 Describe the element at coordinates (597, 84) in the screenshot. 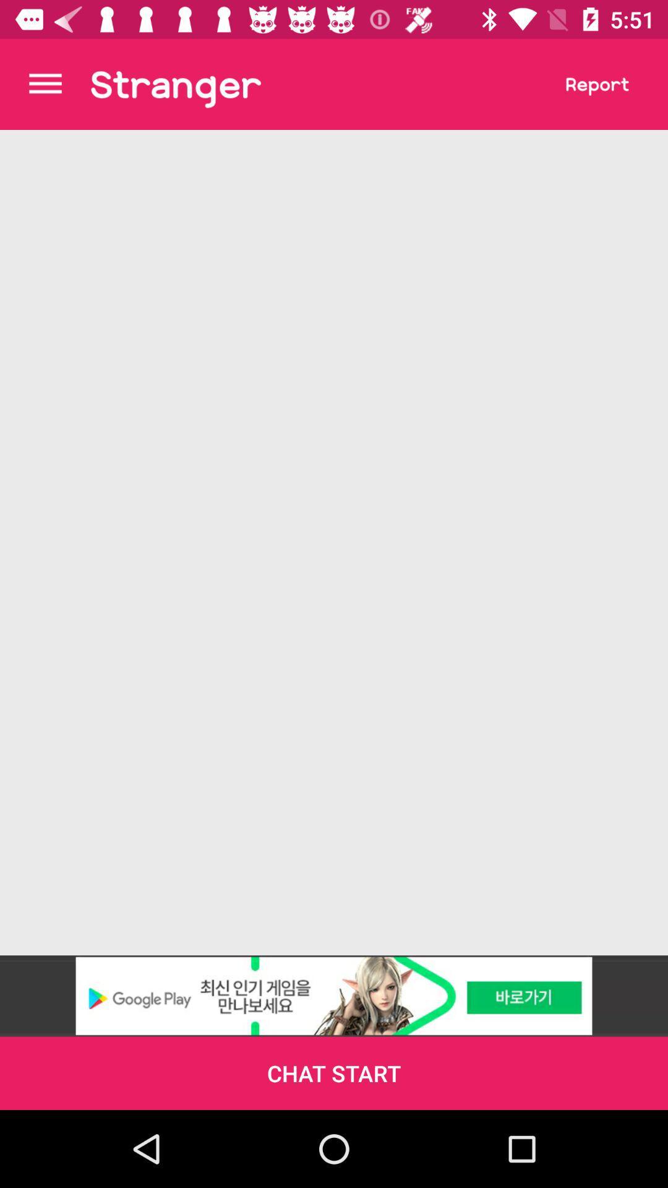

I see `report link` at that location.